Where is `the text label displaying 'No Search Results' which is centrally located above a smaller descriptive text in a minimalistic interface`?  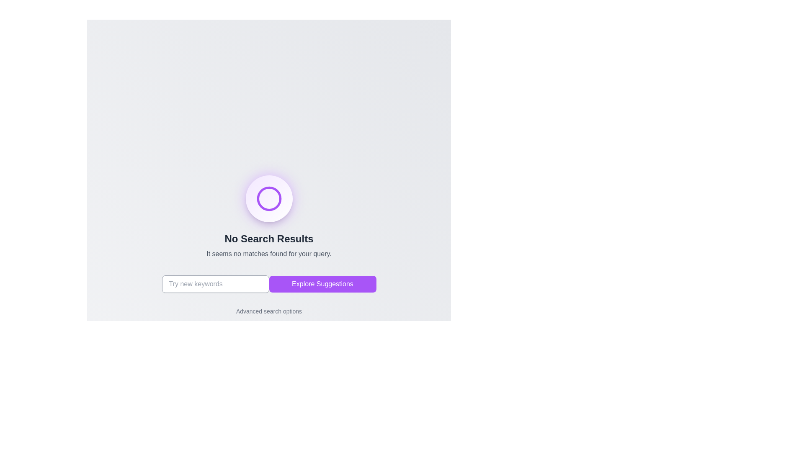 the text label displaying 'No Search Results' which is centrally located above a smaller descriptive text in a minimalistic interface is located at coordinates (269, 239).